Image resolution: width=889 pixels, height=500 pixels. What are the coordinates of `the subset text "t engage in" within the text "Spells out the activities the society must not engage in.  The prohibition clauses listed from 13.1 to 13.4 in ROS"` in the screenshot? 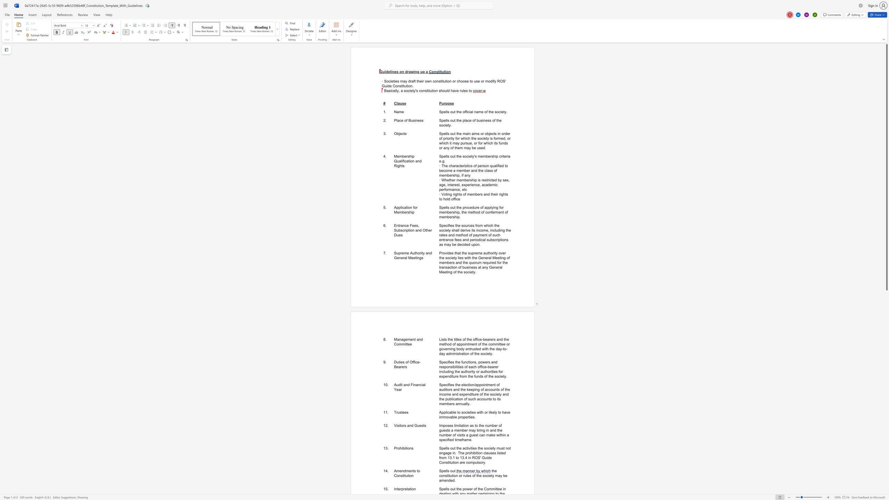 It's located at (509, 448).